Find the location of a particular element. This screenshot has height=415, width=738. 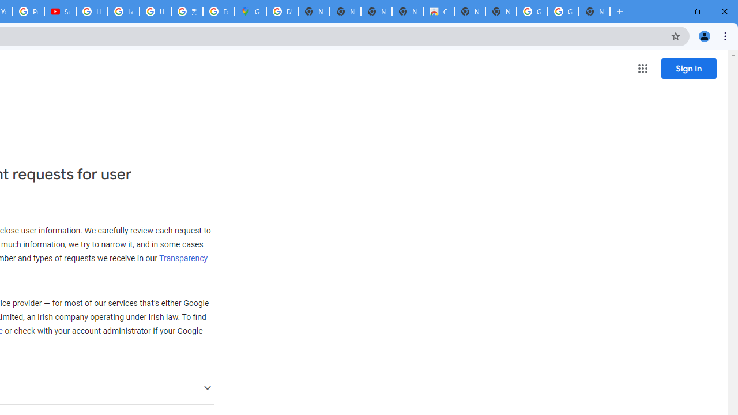

'Google Images' is located at coordinates (531, 12).